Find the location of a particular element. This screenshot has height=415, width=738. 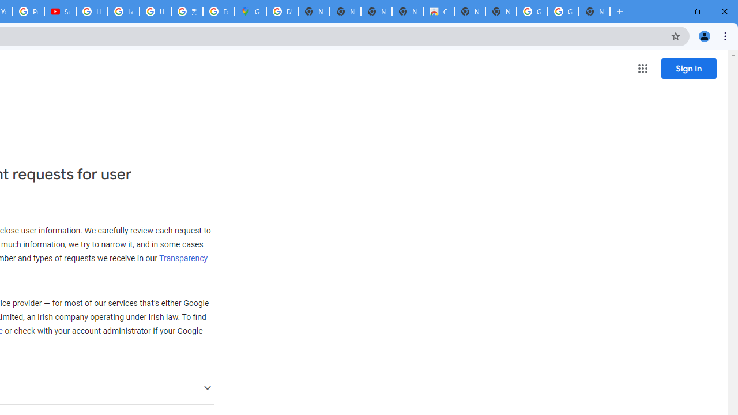

'Google Images' is located at coordinates (531, 12).